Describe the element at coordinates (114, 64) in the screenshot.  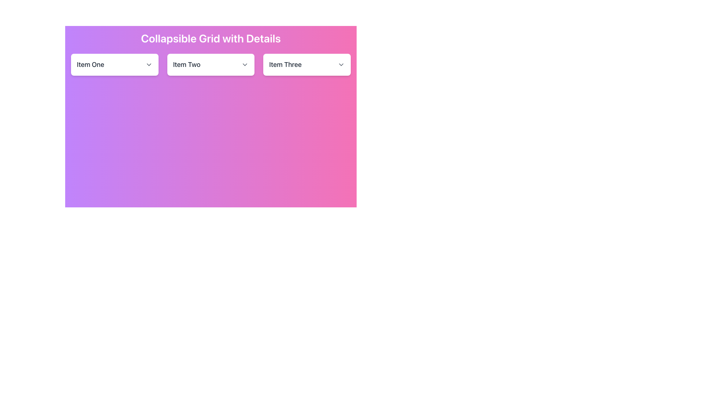
I see `the first card in the grid layout, which is an interactive entry point for 'Item One'` at that location.